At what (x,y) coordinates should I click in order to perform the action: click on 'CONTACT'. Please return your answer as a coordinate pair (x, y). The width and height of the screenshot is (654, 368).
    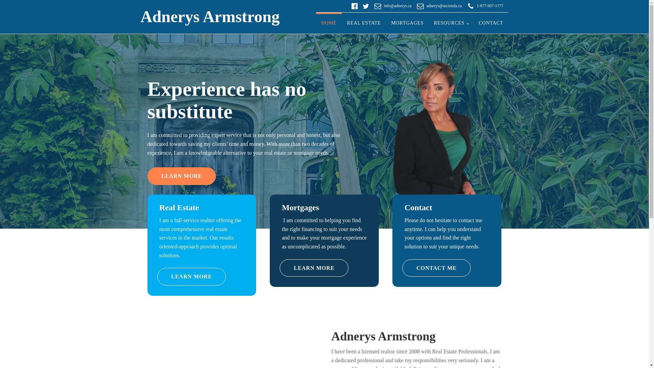
    Looking at the image, I should click on (473, 23).